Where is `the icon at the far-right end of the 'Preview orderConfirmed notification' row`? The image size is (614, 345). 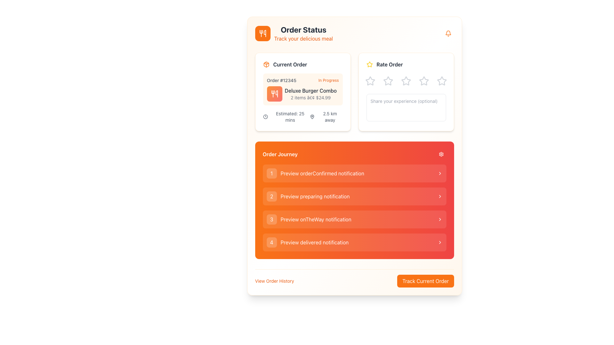
the icon at the far-right end of the 'Preview orderConfirmed notification' row is located at coordinates (439, 173).